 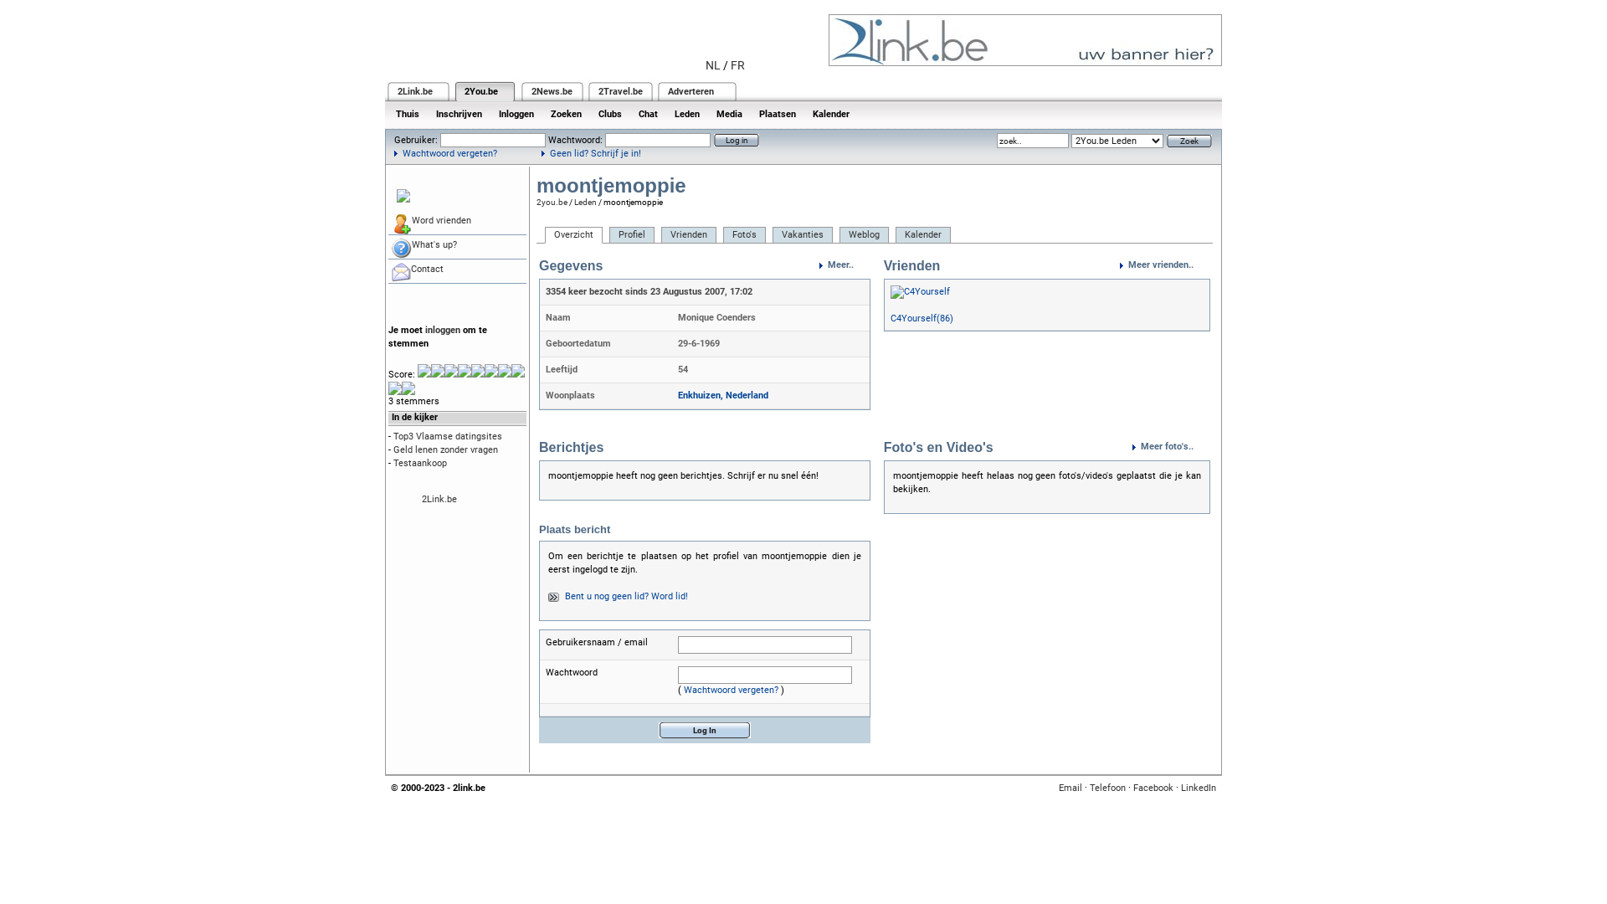 What do you see at coordinates (750, 113) in the screenshot?
I see `'Plaatsen'` at bounding box center [750, 113].